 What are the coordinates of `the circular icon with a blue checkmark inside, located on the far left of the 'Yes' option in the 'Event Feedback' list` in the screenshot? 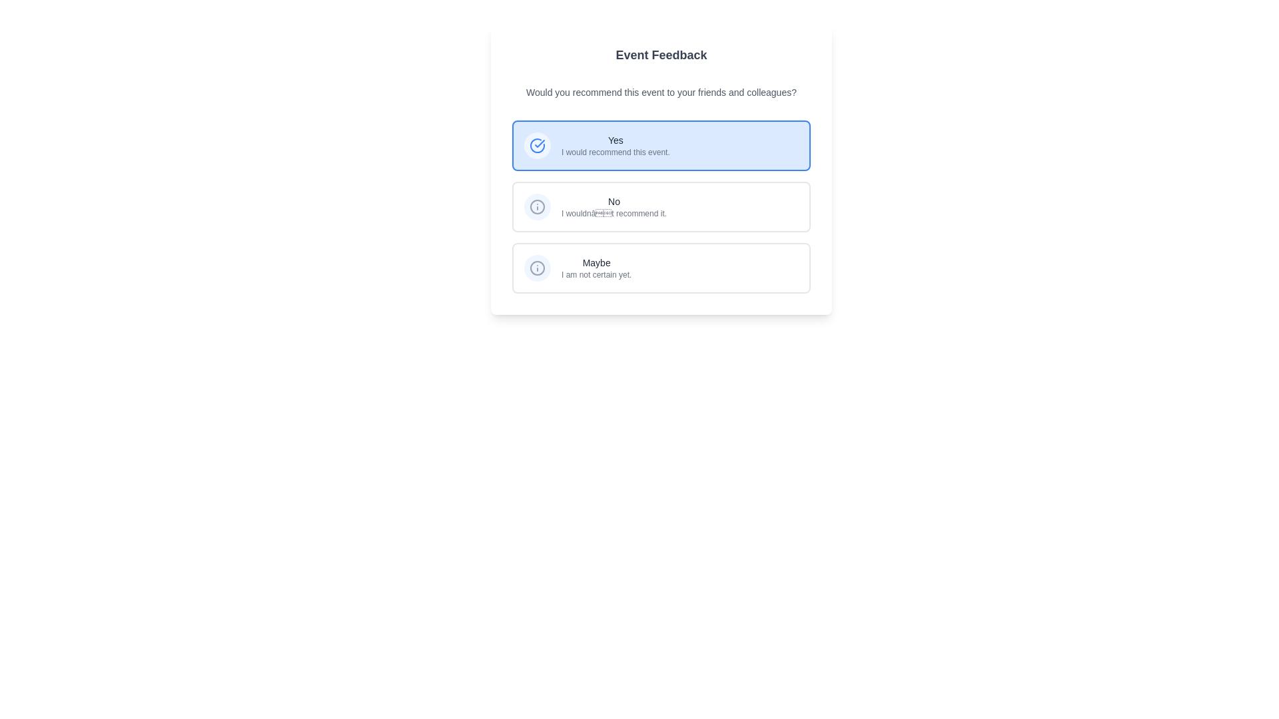 It's located at (537, 146).